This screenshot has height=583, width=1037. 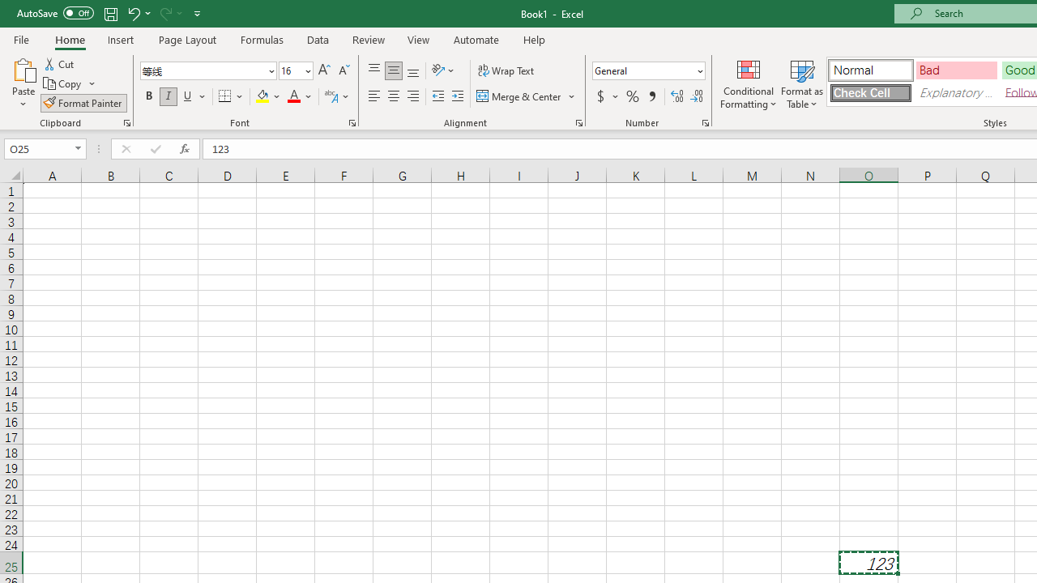 What do you see at coordinates (23, 68) in the screenshot?
I see `'Paste'` at bounding box center [23, 68].